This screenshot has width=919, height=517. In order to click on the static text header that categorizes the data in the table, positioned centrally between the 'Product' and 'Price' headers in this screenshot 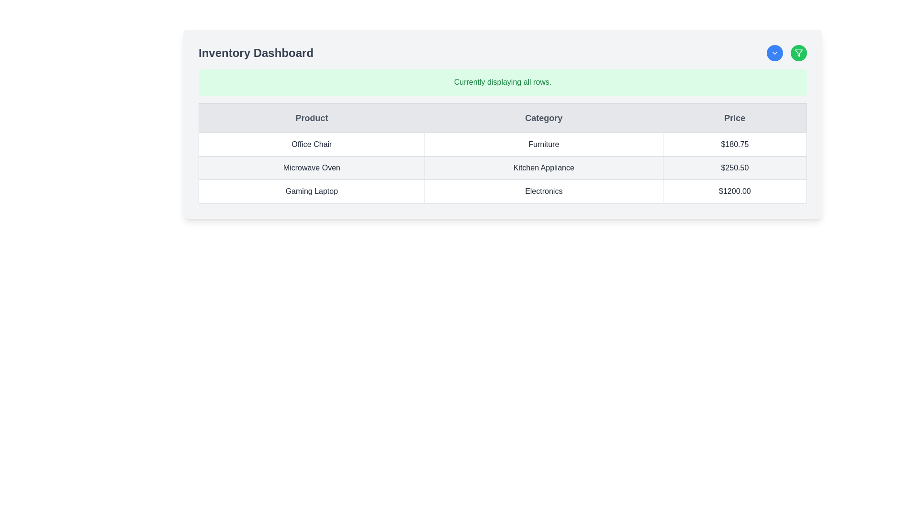, I will do `click(544, 117)`.